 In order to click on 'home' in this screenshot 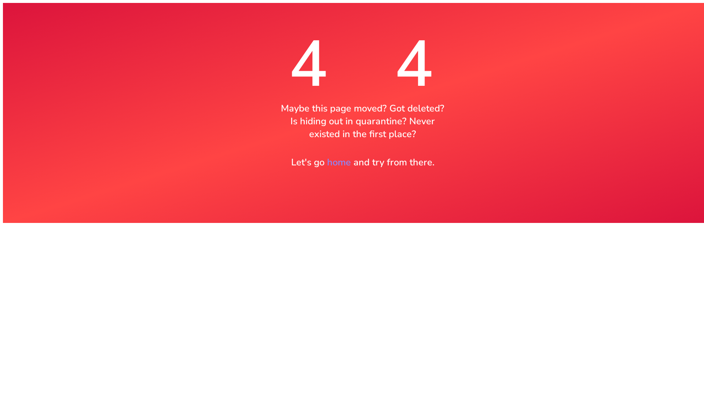, I will do `click(327, 162)`.